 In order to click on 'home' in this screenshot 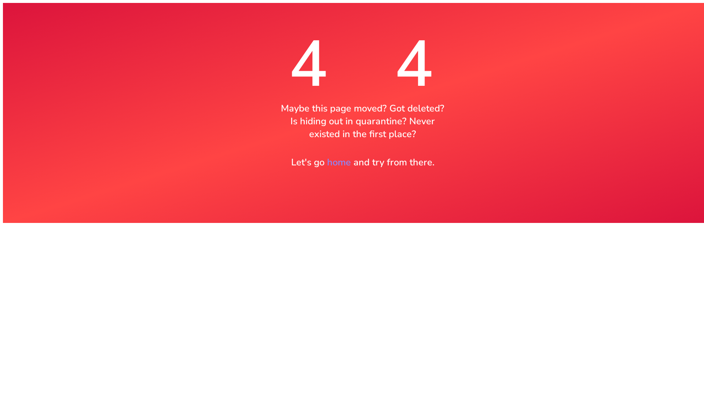, I will do `click(327, 162)`.